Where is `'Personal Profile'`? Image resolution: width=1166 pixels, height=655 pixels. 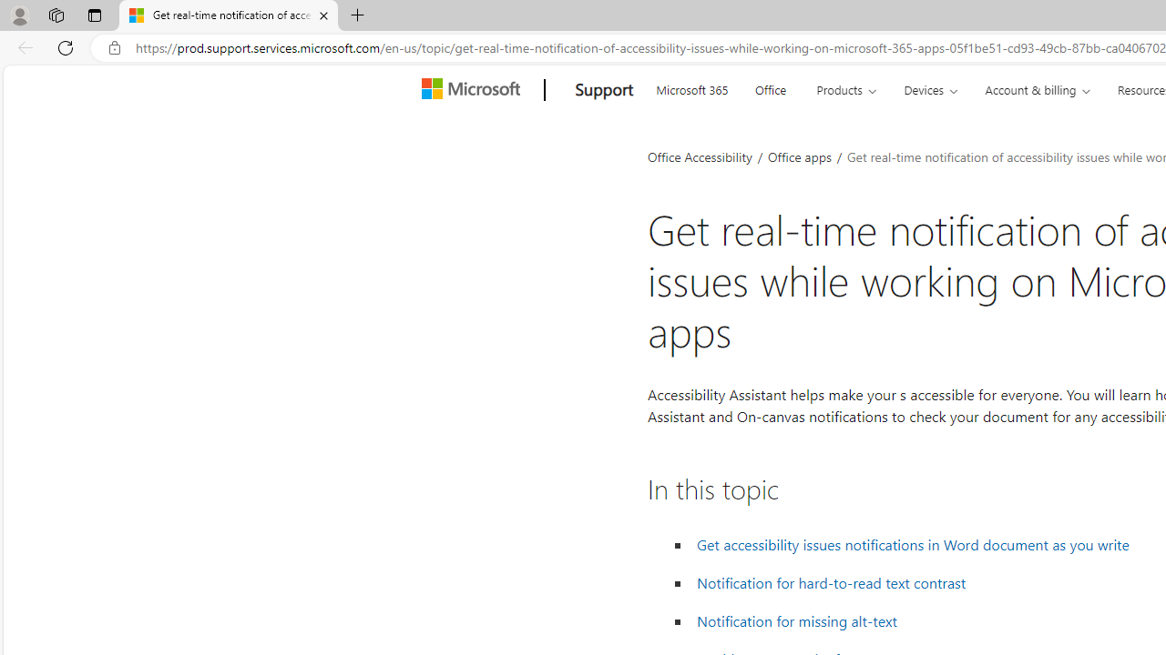
'Personal Profile' is located at coordinates (19, 15).